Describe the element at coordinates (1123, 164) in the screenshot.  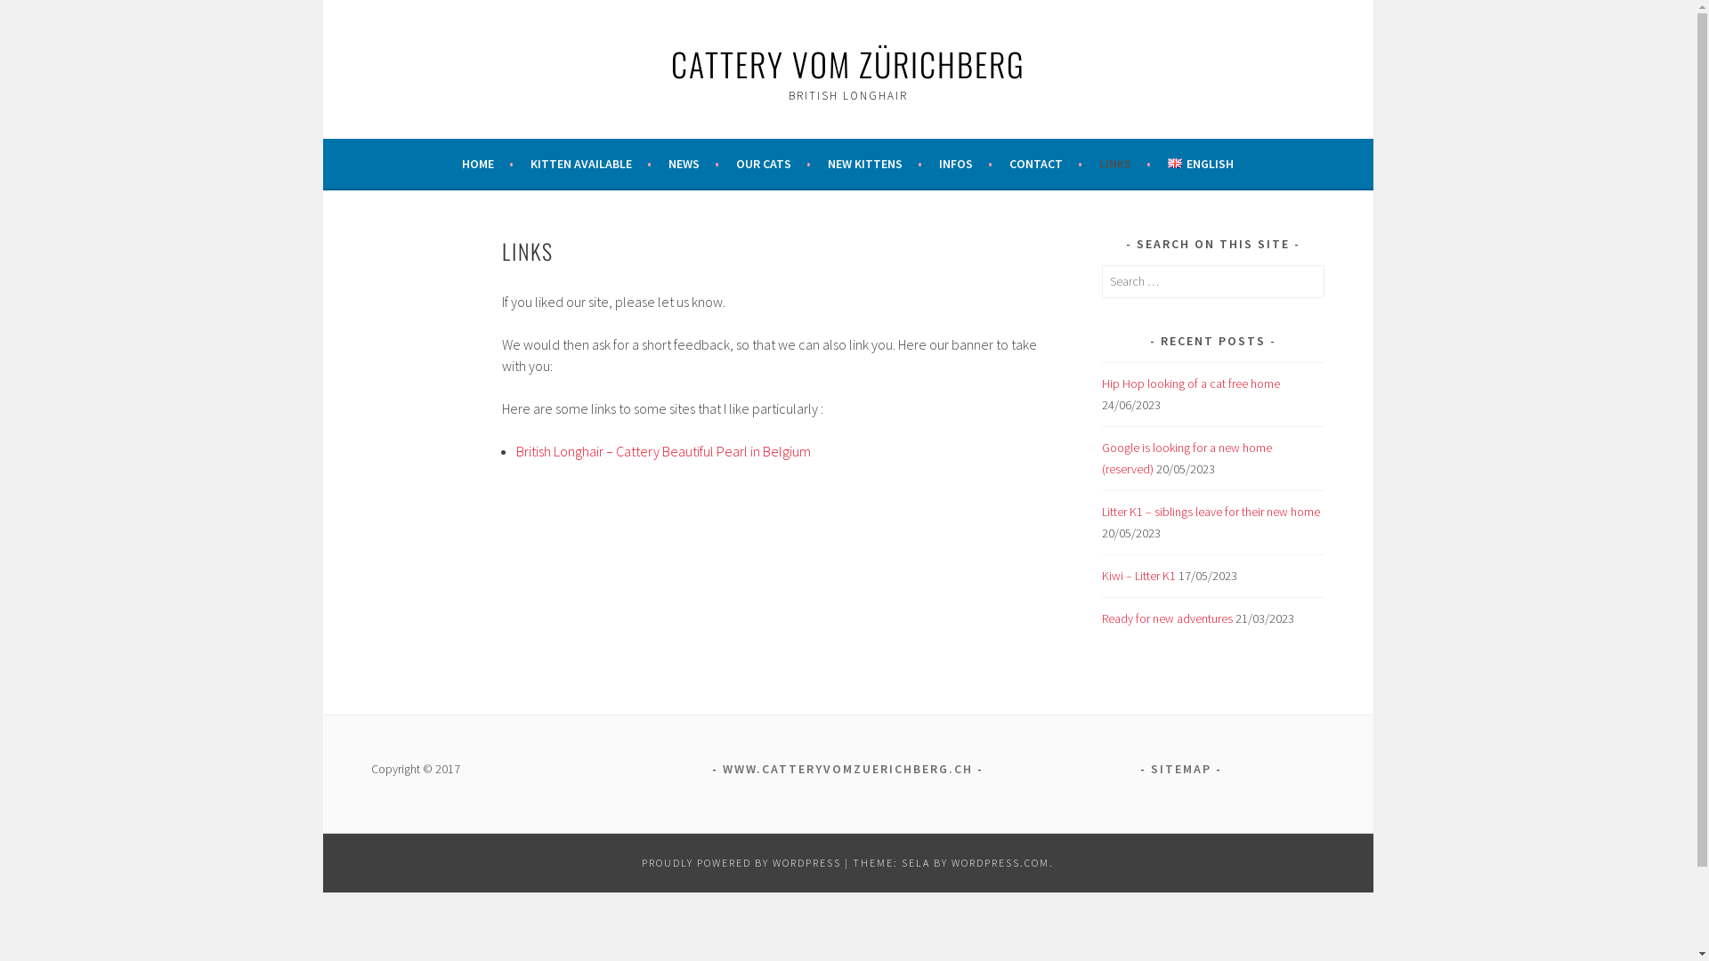
I see `'LINKS'` at that location.